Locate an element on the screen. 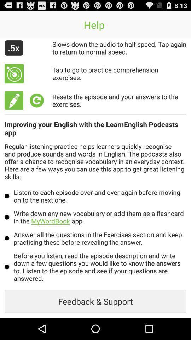 Image resolution: width=191 pixels, height=340 pixels. feedback & support item is located at coordinates (95, 301).